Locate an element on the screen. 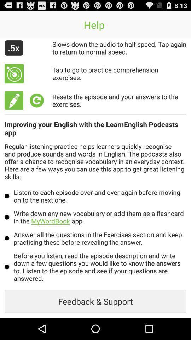 Image resolution: width=191 pixels, height=340 pixels. feedback & support item is located at coordinates (95, 301).